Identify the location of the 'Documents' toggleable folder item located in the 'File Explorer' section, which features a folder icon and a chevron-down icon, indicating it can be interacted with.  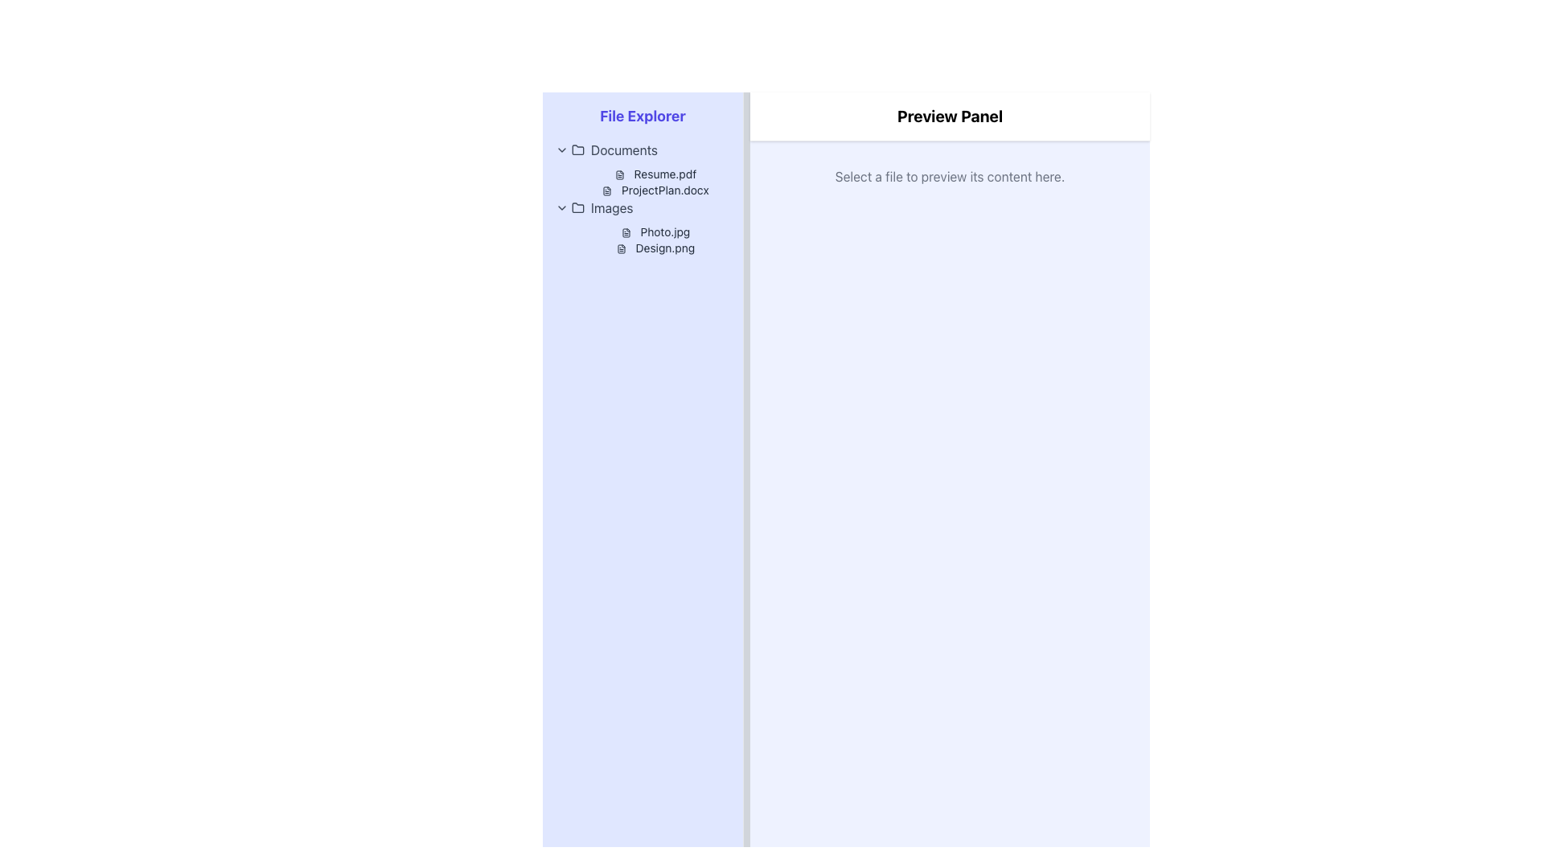
(642, 149).